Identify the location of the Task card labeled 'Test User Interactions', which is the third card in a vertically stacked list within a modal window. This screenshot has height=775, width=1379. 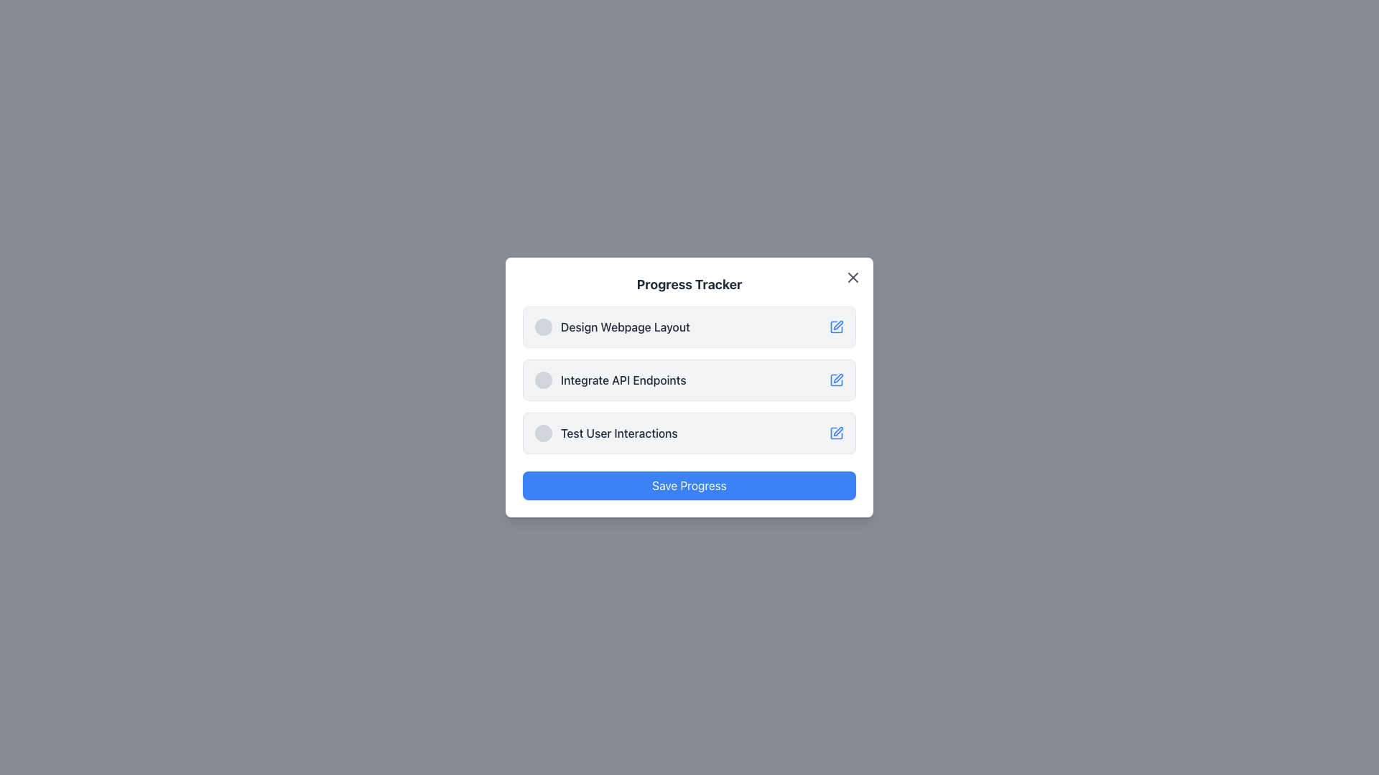
(689, 433).